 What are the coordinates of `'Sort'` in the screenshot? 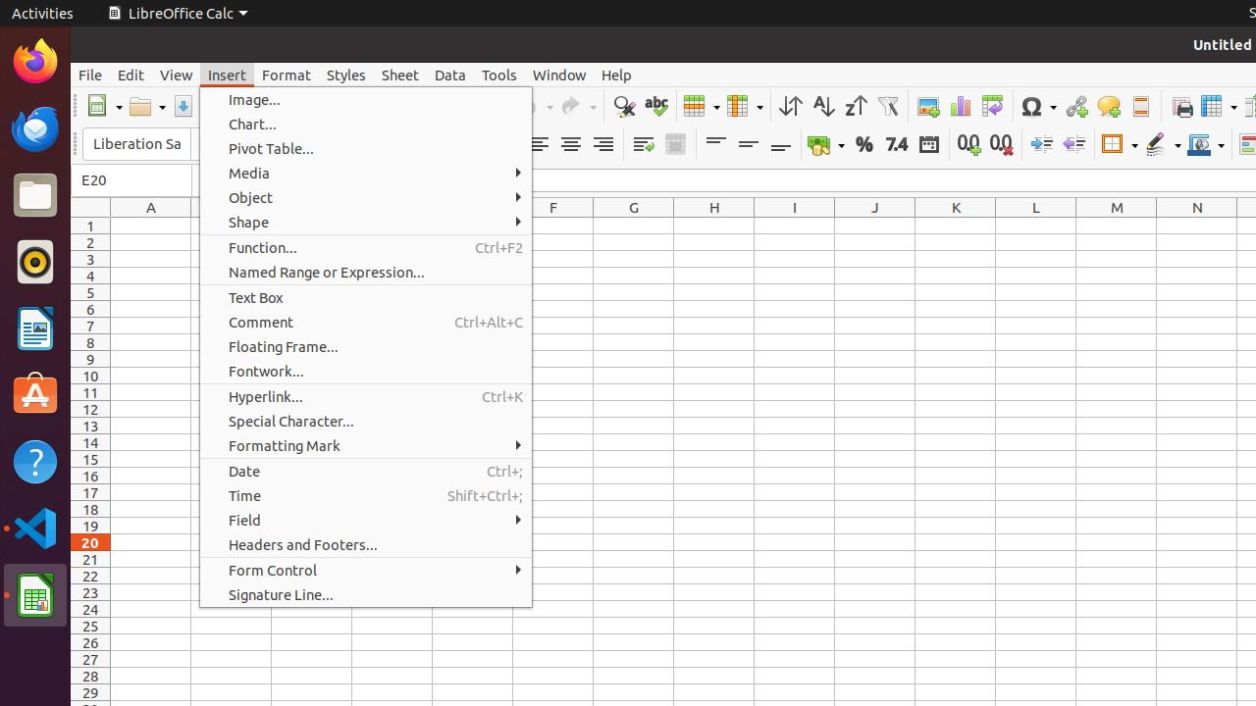 It's located at (790, 106).